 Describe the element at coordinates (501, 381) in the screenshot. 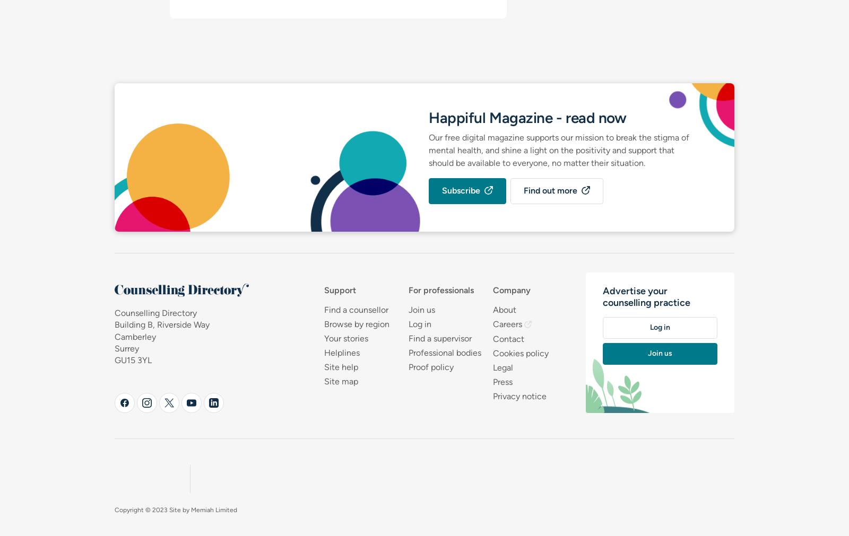

I see `'Press'` at that location.